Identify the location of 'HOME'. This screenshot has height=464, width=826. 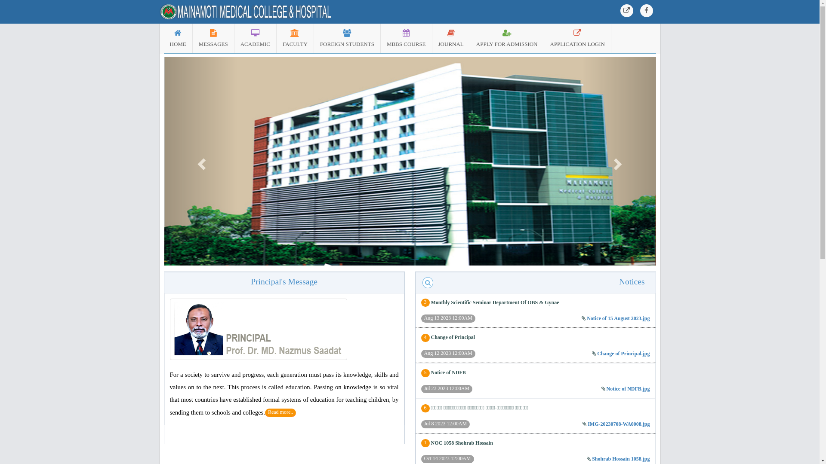
(177, 38).